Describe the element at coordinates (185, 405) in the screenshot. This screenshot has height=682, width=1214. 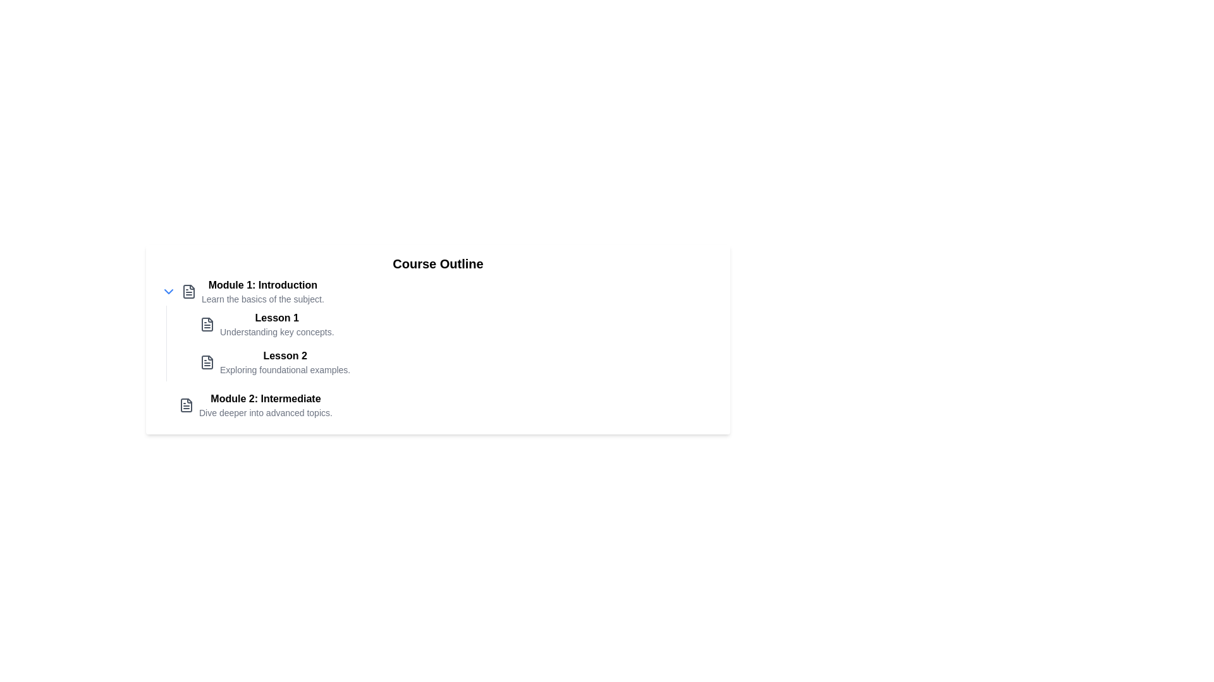
I see `the document icon located to the left of the text 'Module 2: Intermediate'` at that location.